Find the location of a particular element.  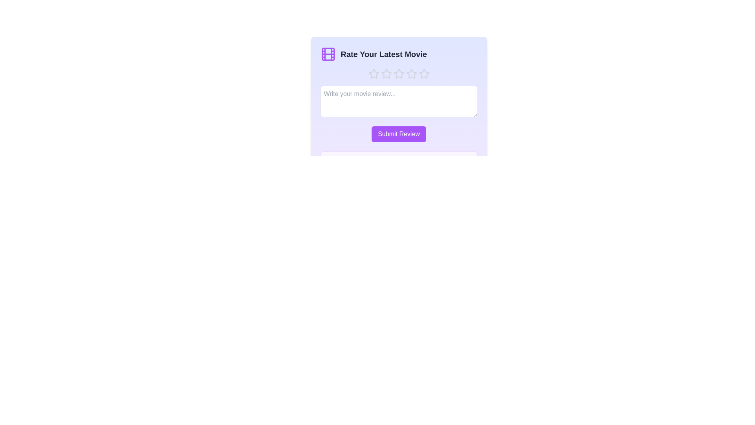

the movie rating to 3 stars by clicking on the corresponding star is located at coordinates (399, 74).